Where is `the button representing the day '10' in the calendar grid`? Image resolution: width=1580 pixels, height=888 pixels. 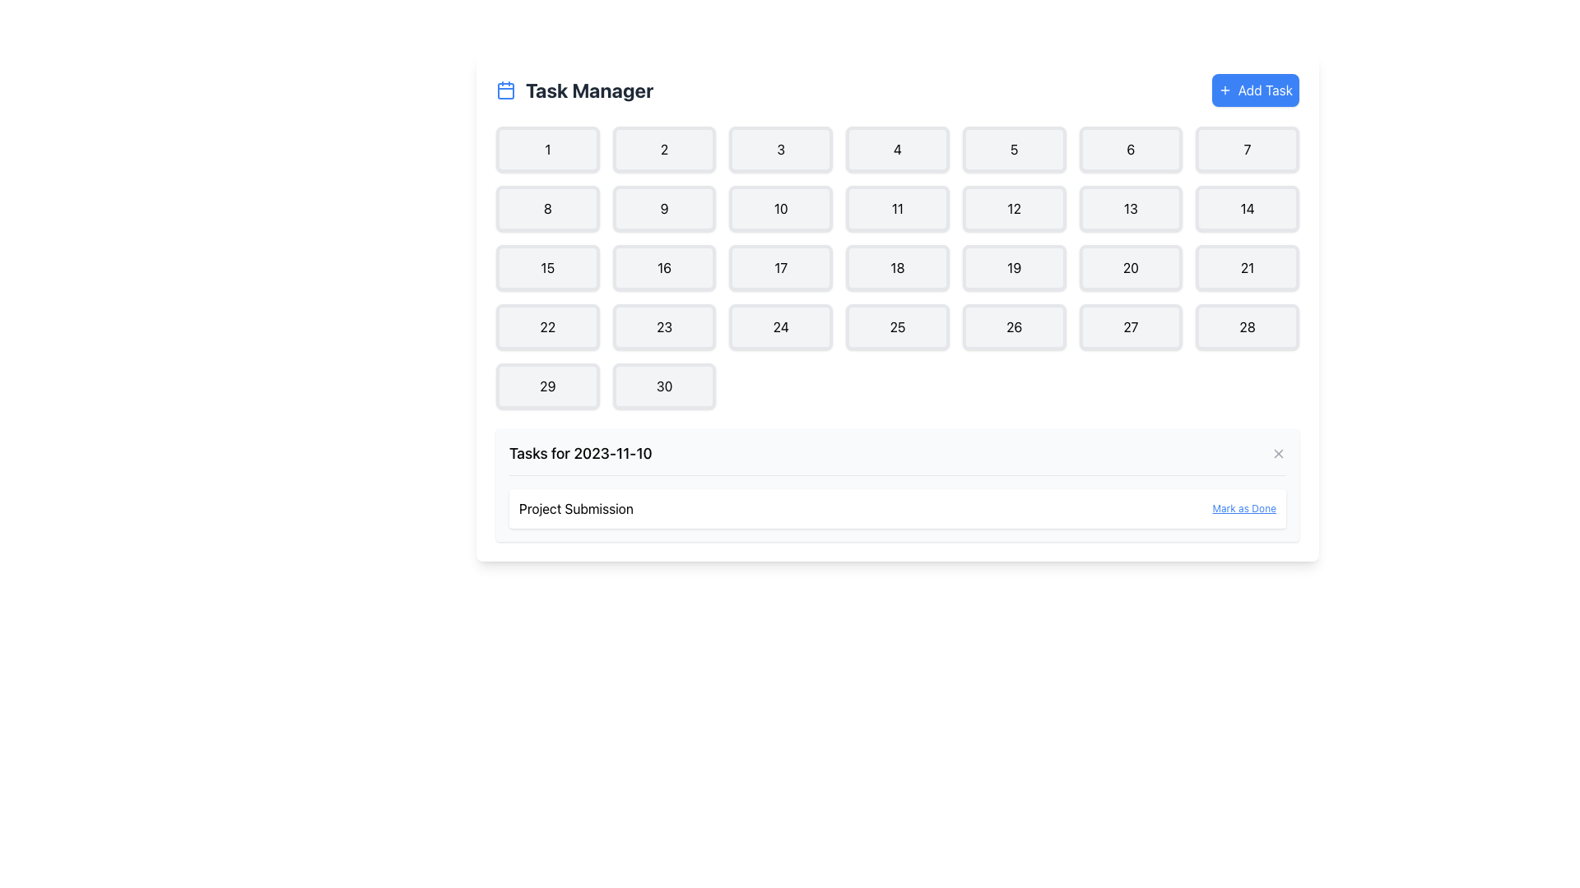 the button representing the day '10' in the calendar grid is located at coordinates (780, 208).